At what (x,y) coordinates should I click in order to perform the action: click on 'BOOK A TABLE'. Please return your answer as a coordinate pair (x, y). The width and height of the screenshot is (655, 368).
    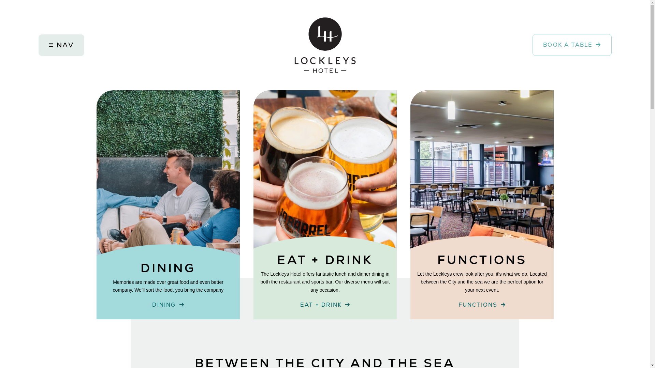
    Looking at the image, I should click on (532, 45).